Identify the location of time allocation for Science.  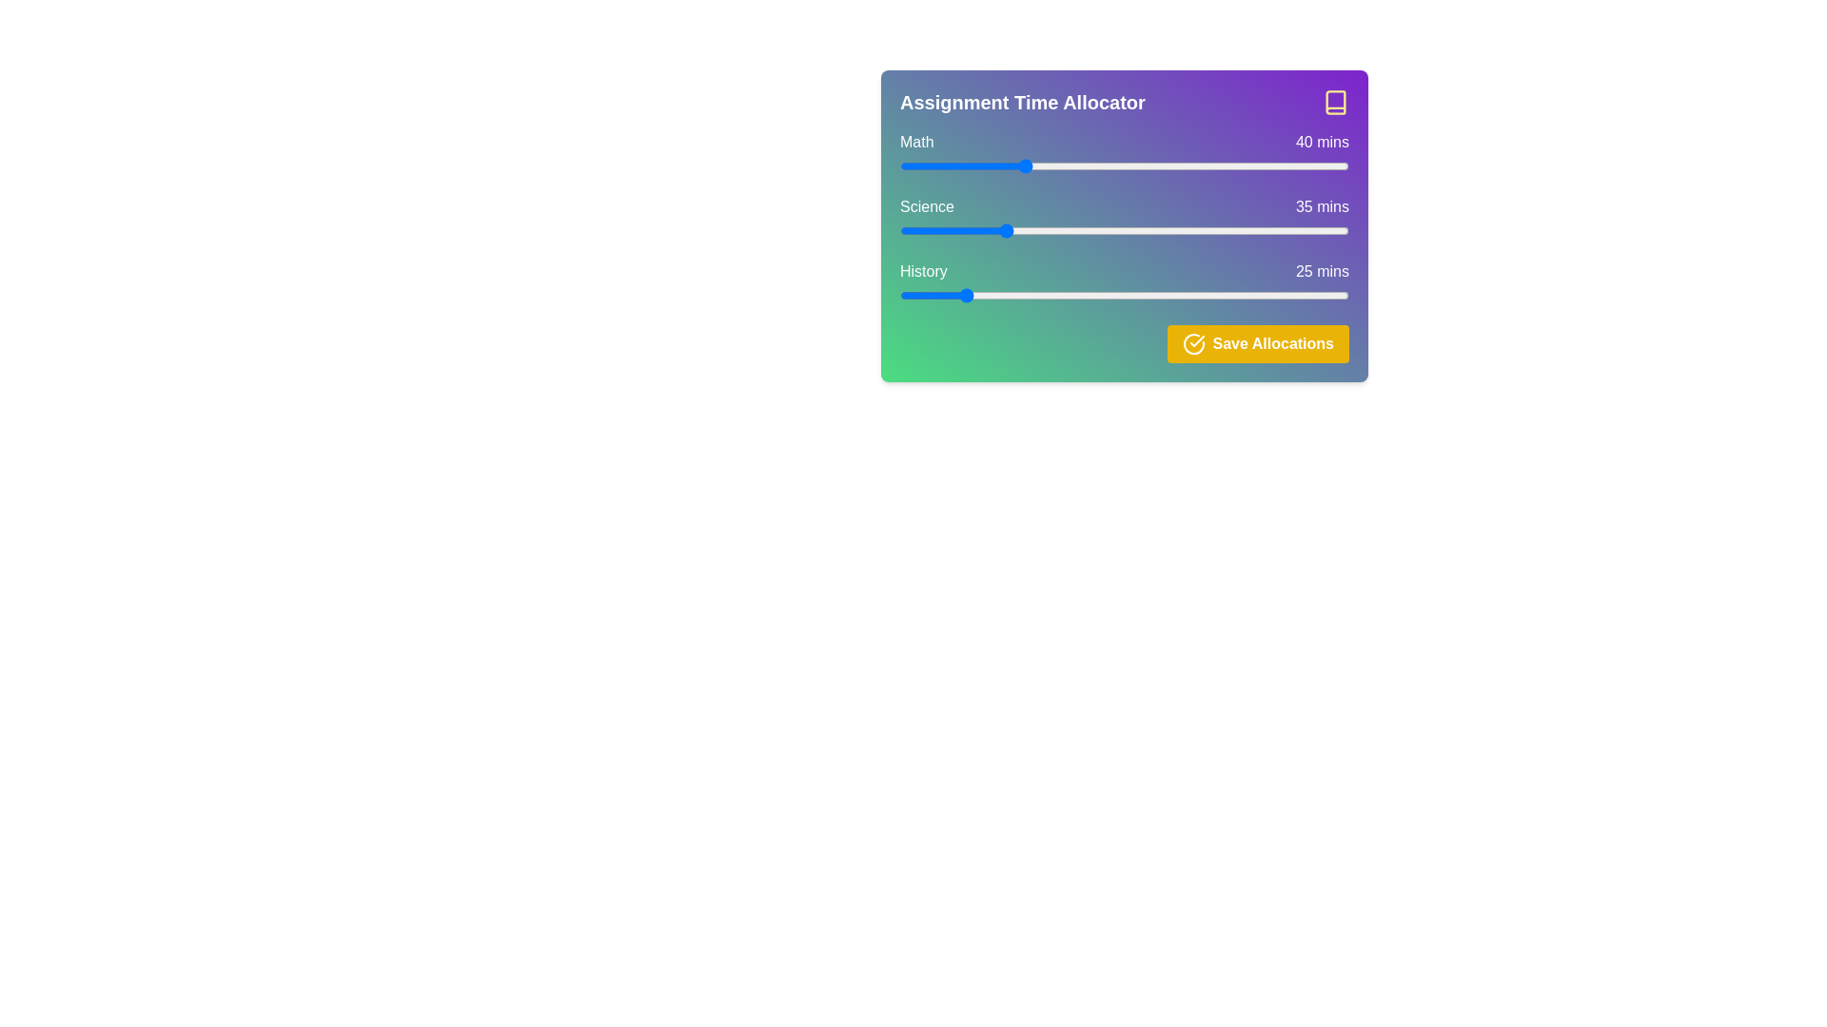
(1181, 230).